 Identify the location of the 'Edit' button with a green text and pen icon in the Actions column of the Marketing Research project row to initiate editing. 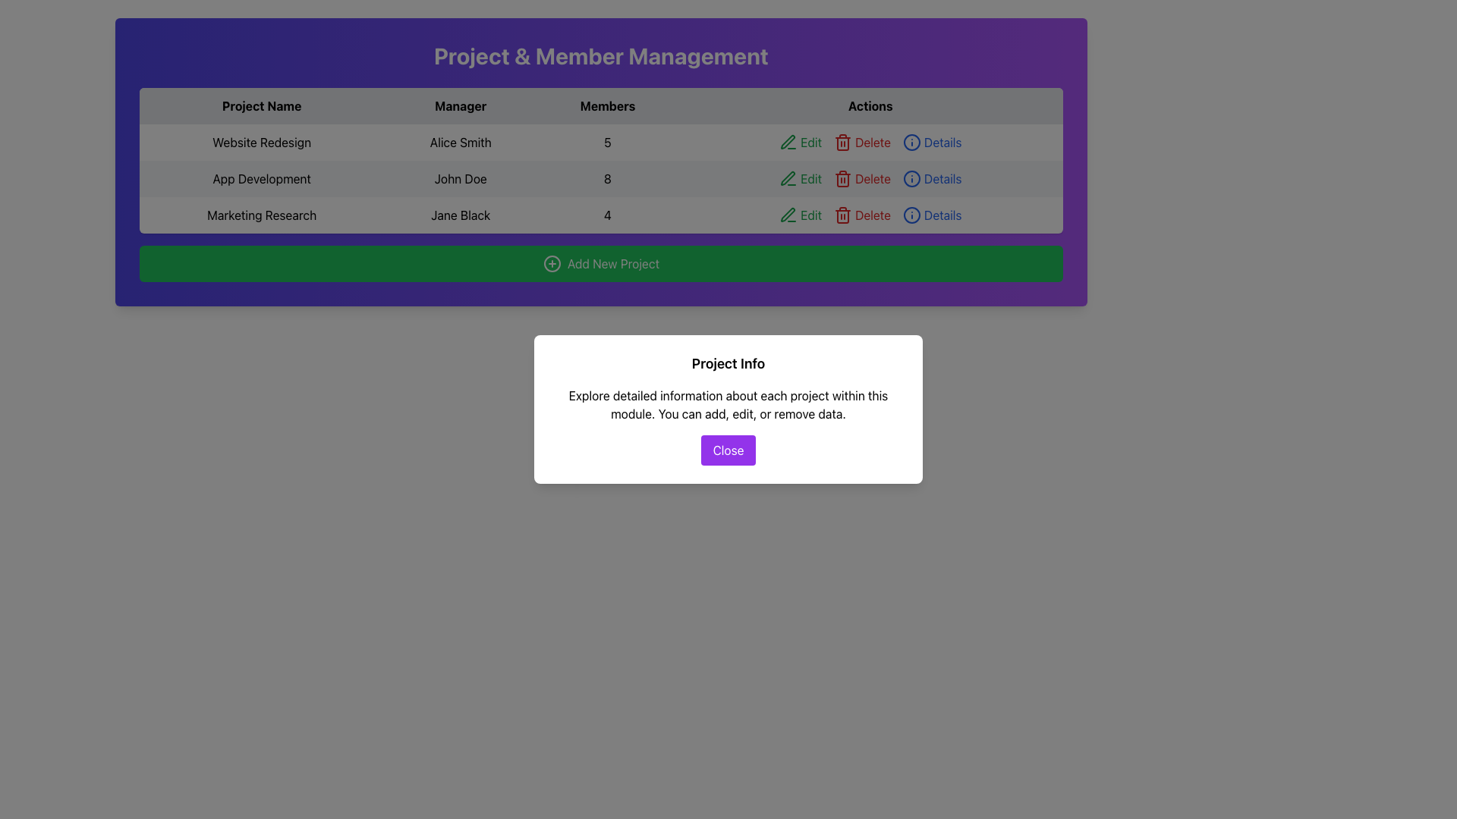
(800, 215).